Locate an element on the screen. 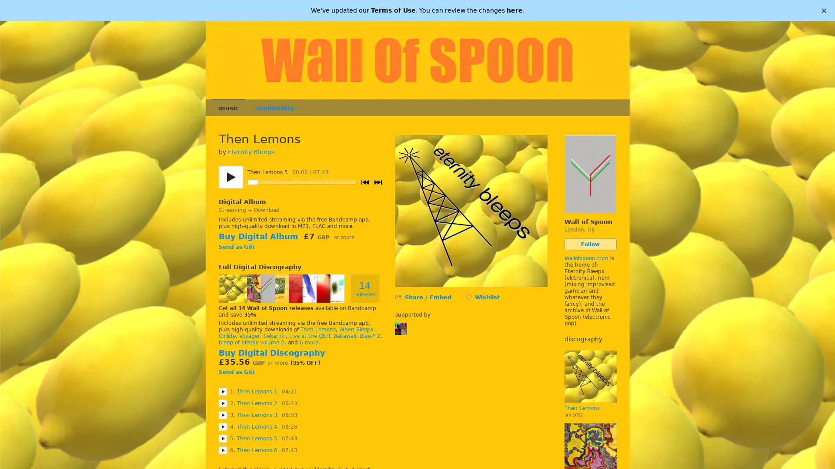 The image size is (835, 469). Send as Gift is located at coordinates (236, 248).